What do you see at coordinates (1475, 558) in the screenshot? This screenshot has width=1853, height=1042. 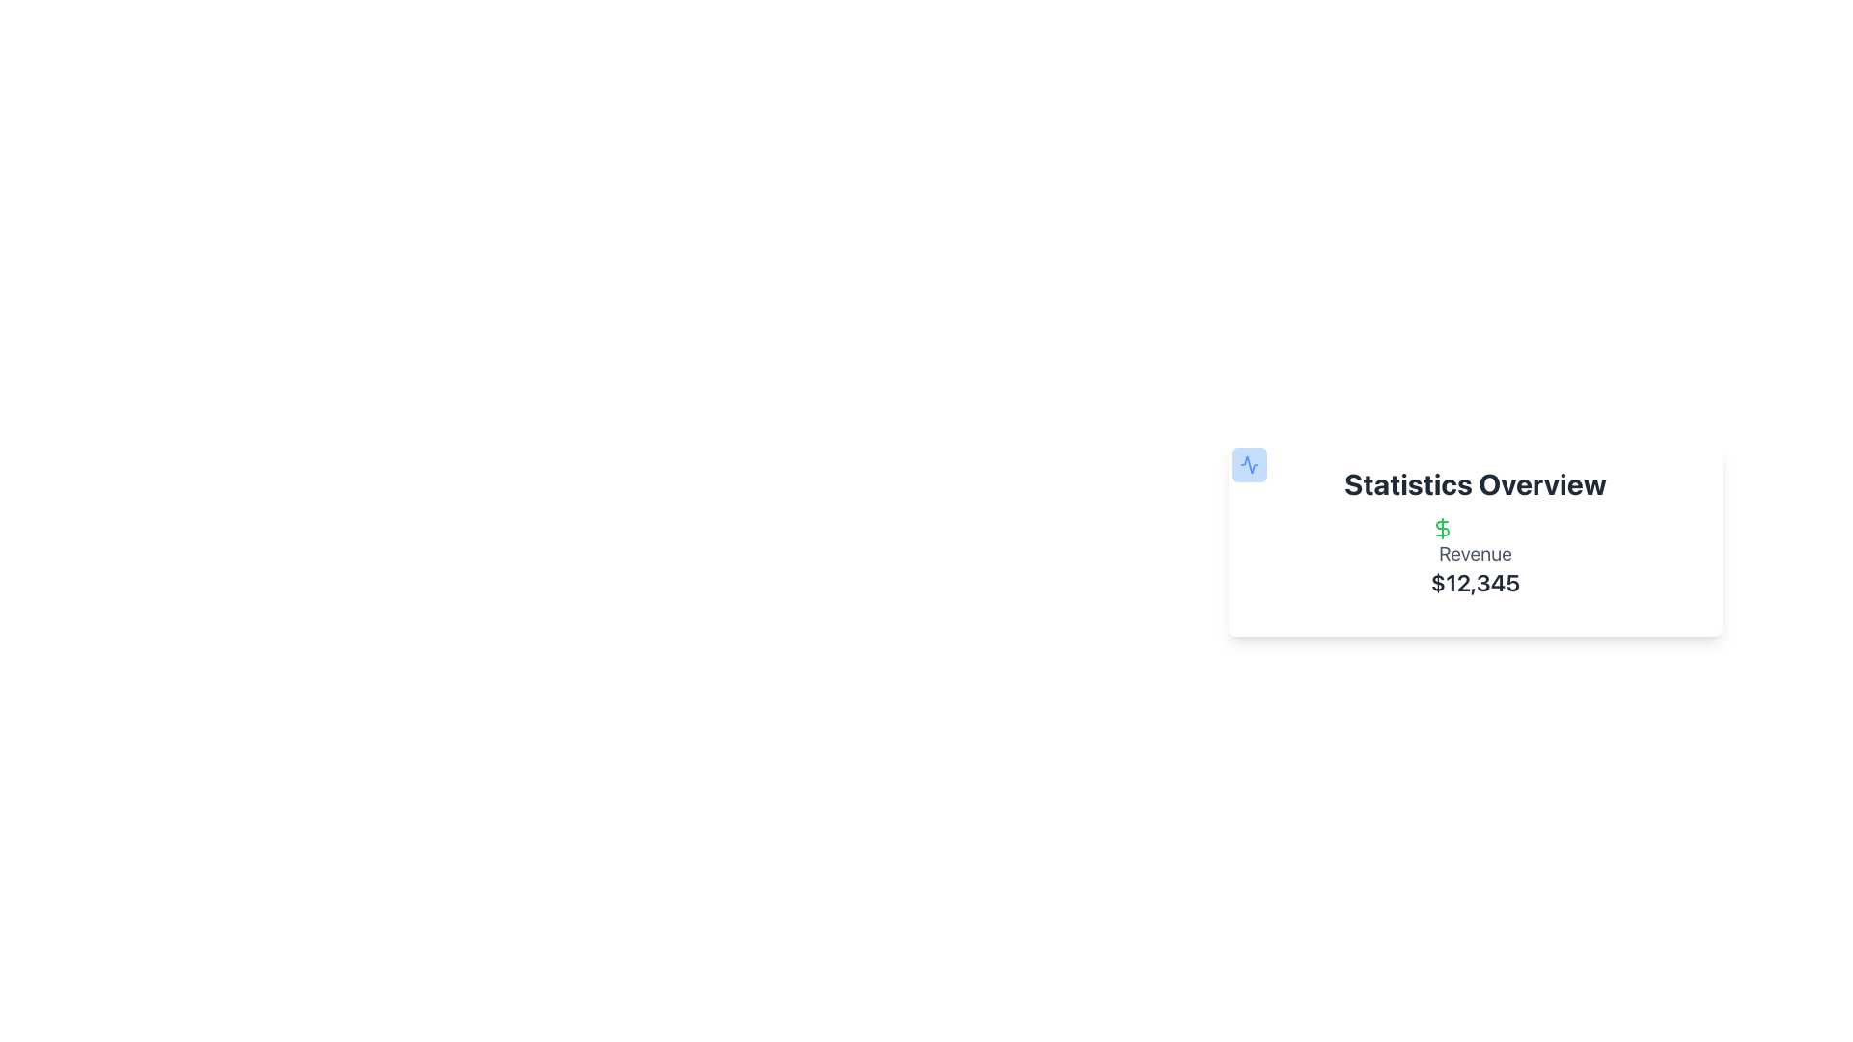 I see `displayed revenue summary information from the text block with a green dollar icon labeled 'Revenue' and amount '$12,345'` at bounding box center [1475, 558].